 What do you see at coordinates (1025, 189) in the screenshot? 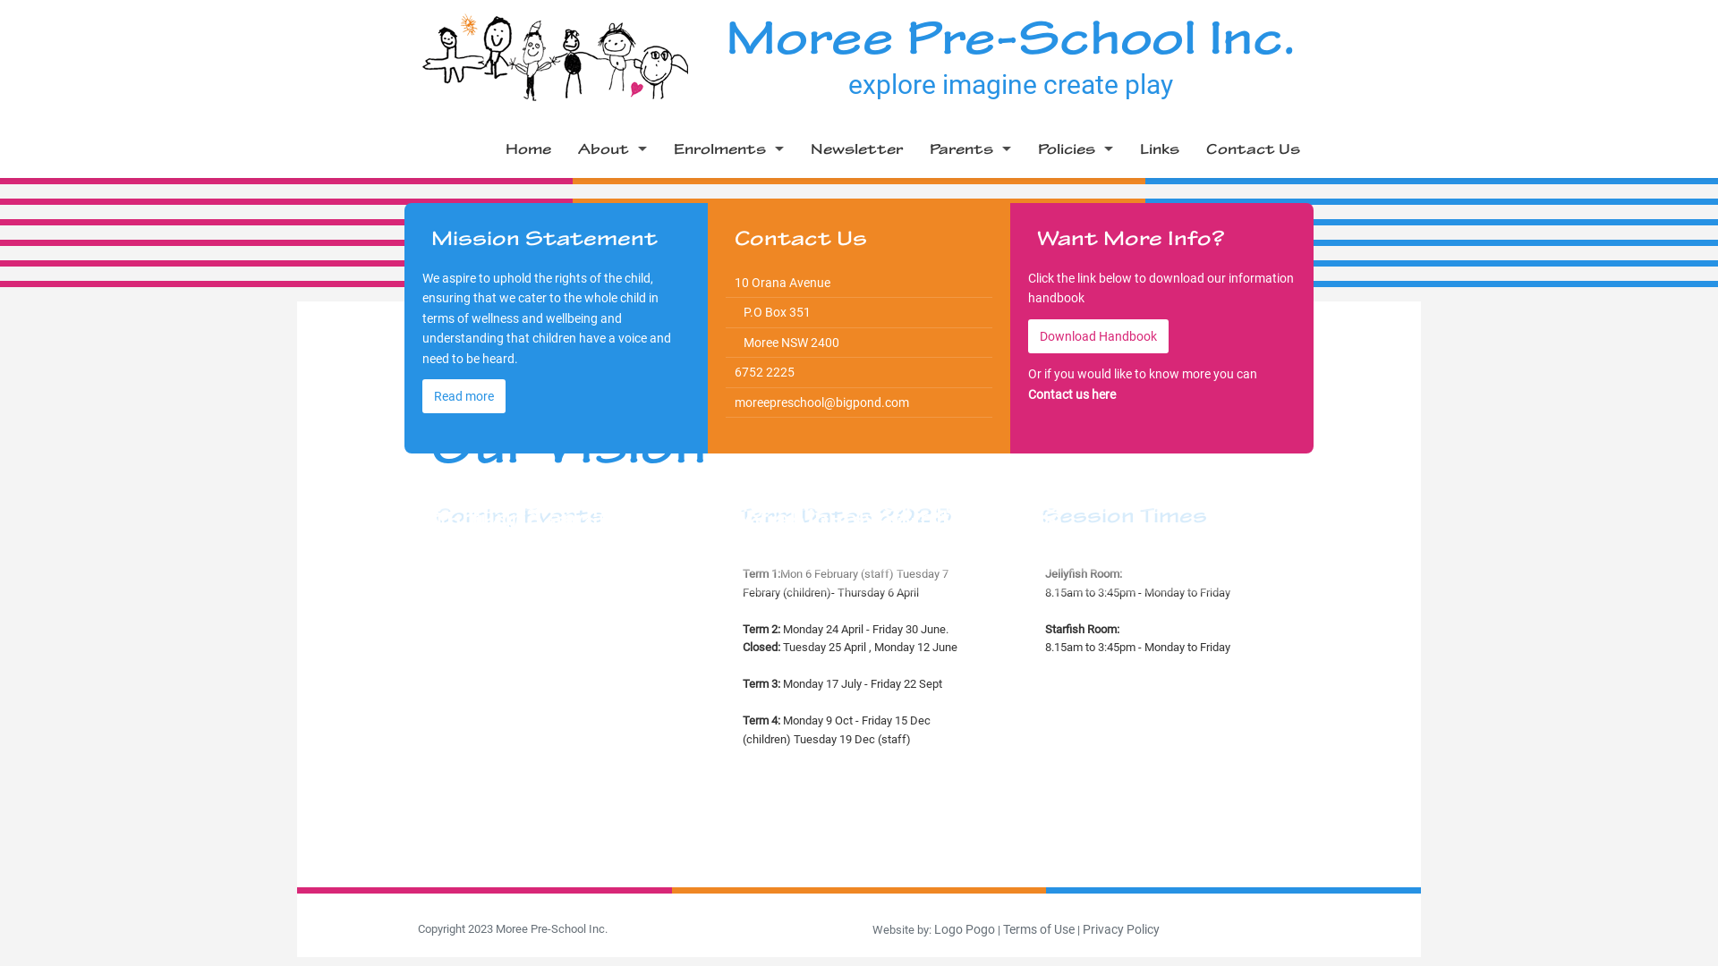
I see `'Grievance Policy'` at bounding box center [1025, 189].